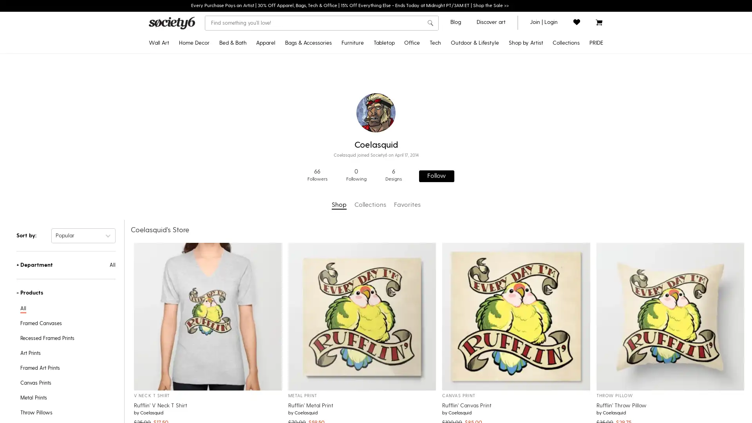 This screenshot has width=752, height=423. I want to click on Android Wallet Cases, so click(463, 100).